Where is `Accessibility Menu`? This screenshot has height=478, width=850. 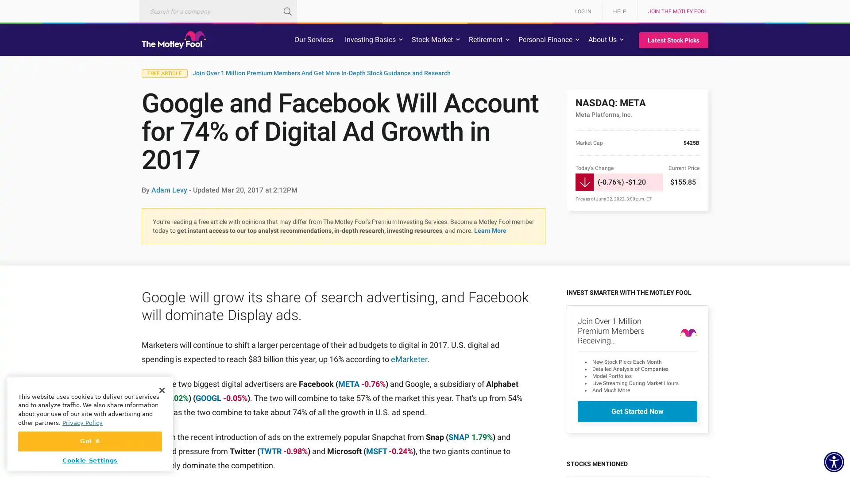 Accessibility Menu is located at coordinates (833, 462).